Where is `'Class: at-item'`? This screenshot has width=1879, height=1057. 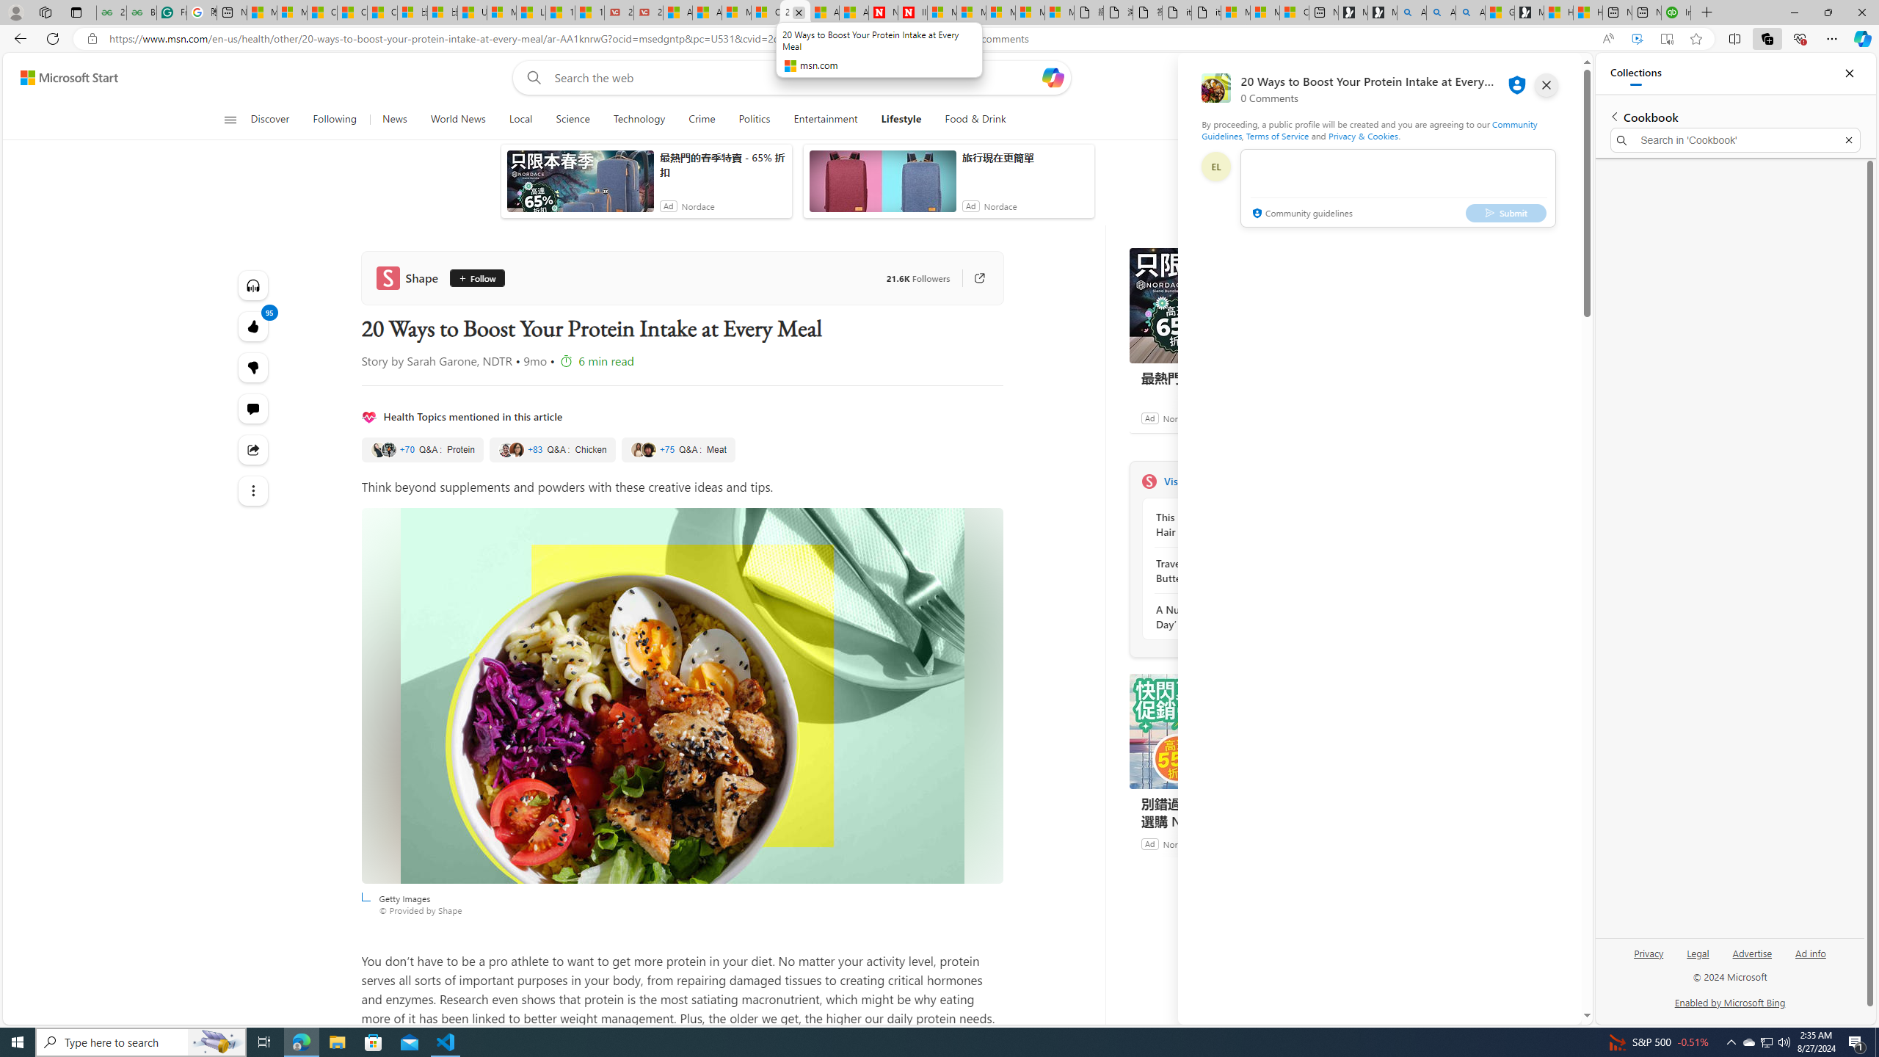 'Class: at-item' is located at coordinates (253, 490).